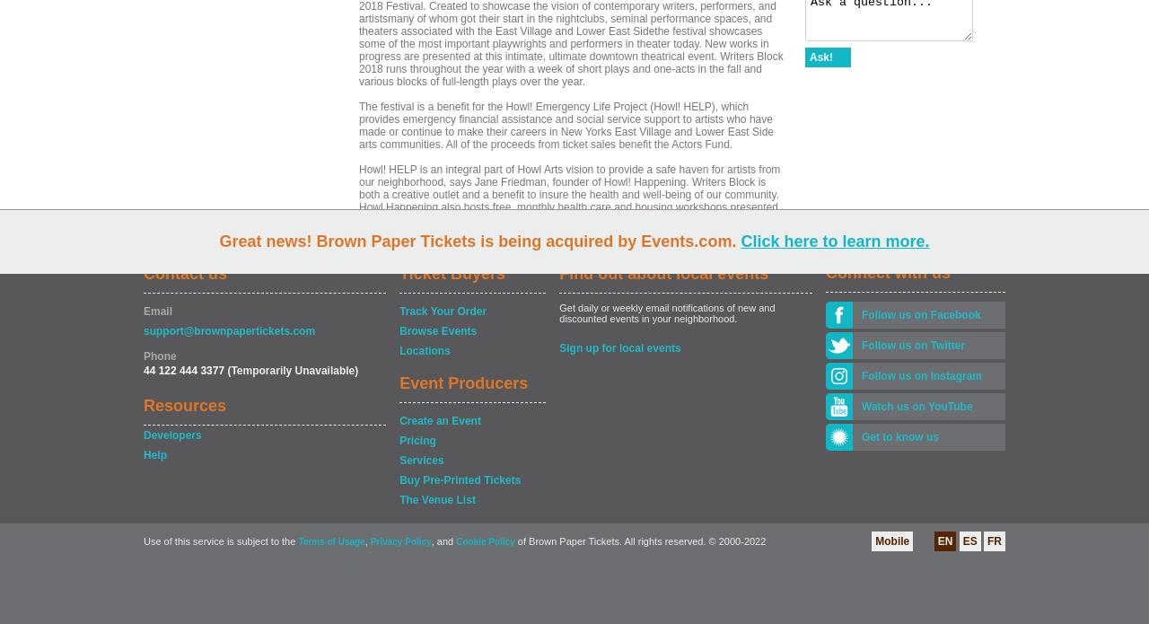  Describe the element at coordinates (431, 541) in the screenshot. I see `', and'` at that location.